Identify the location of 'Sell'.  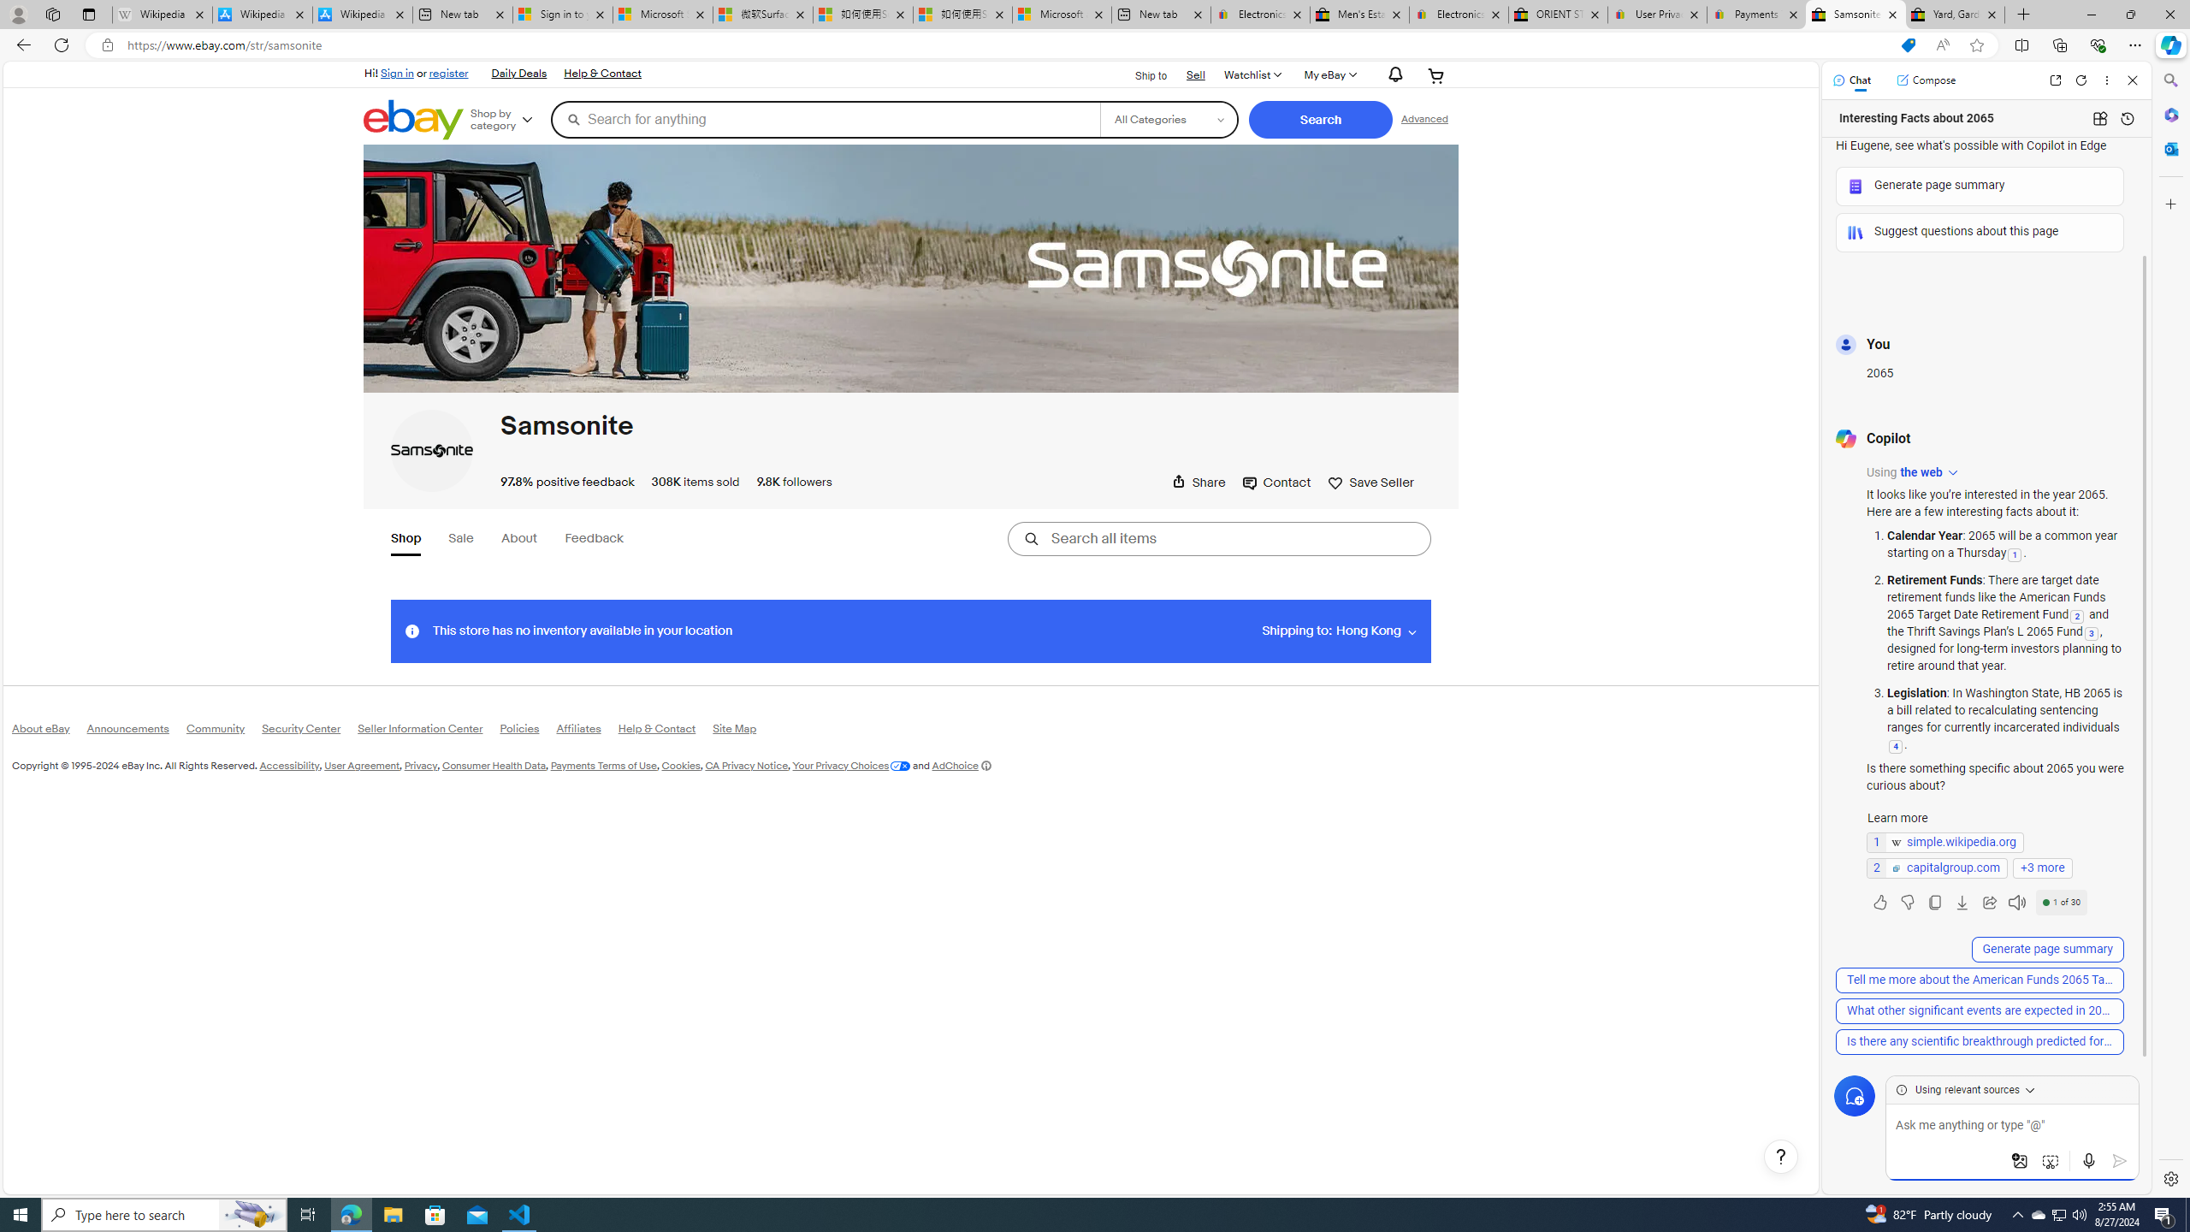
(1195, 74).